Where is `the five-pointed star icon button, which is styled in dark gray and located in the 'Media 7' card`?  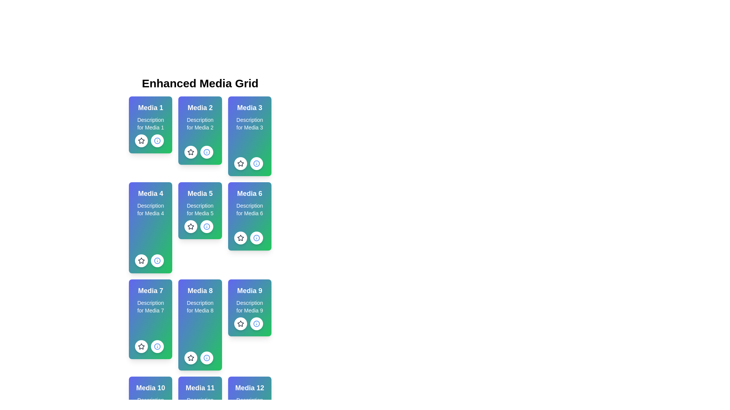 the five-pointed star icon button, which is styled in dark gray and located in the 'Media 7' card is located at coordinates (141, 346).